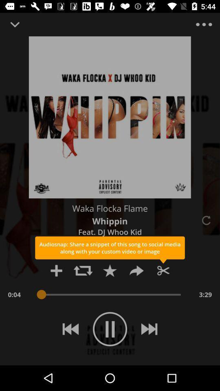  What do you see at coordinates (205, 220) in the screenshot?
I see `the refresh icon` at bounding box center [205, 220].